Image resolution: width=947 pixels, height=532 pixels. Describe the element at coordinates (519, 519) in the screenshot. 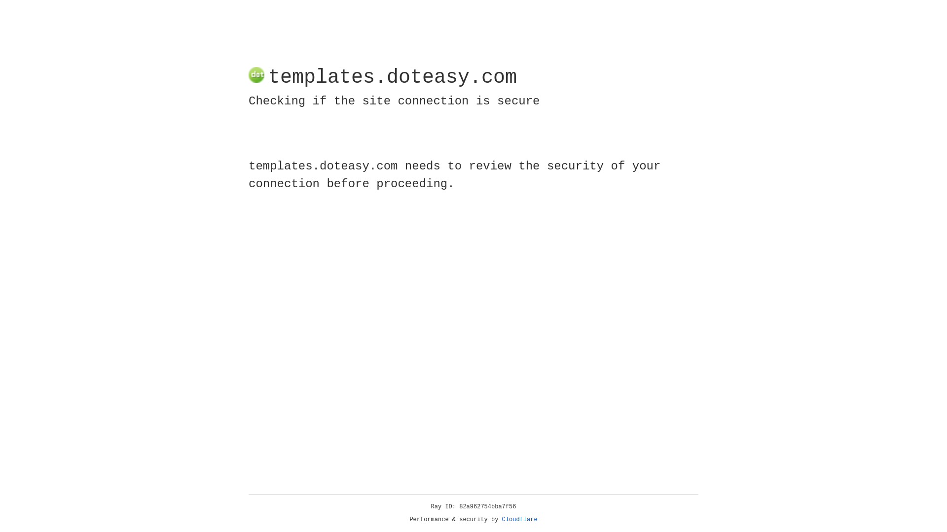

I see `'Cloudflare'` at that location.